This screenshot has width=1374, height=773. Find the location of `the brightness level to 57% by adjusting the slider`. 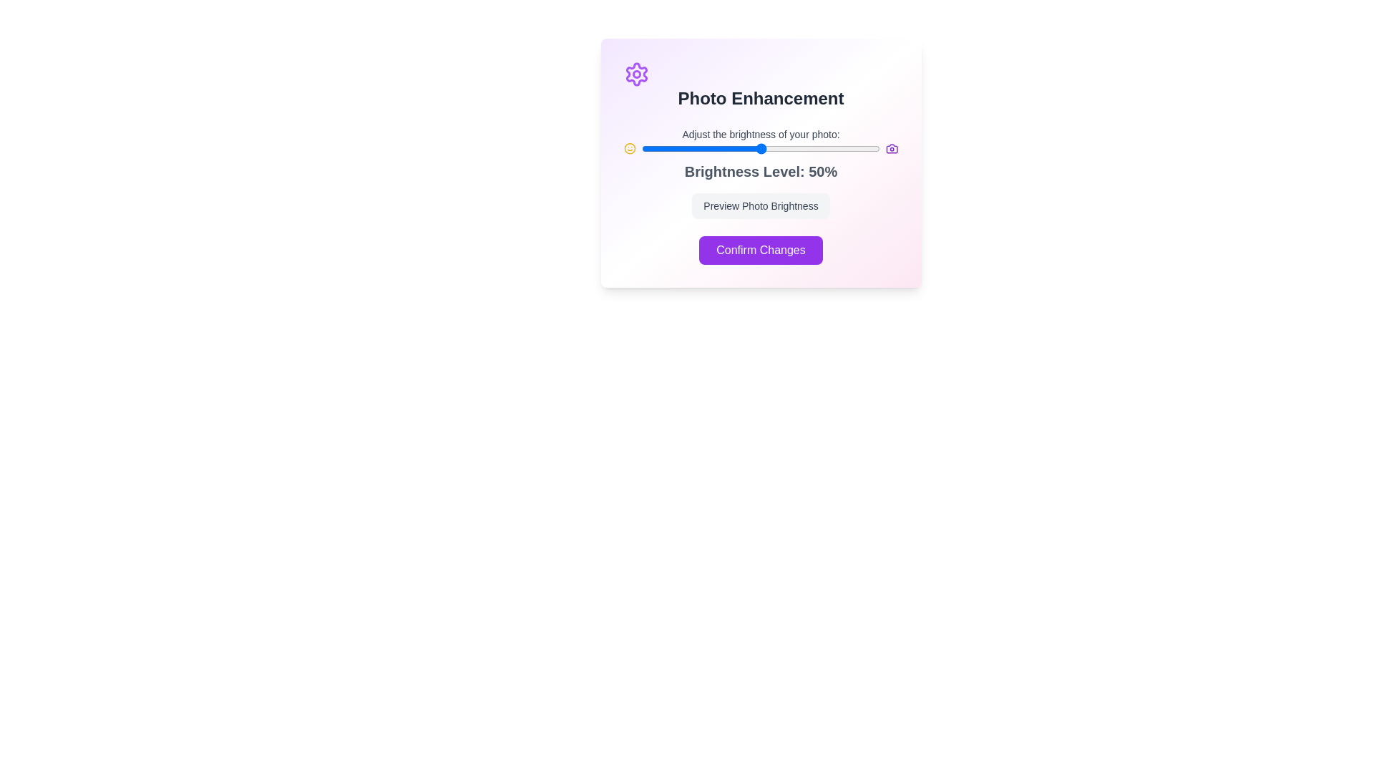

the brightness level to 57% by adjusting the slider is located at coordinates (776, 149).